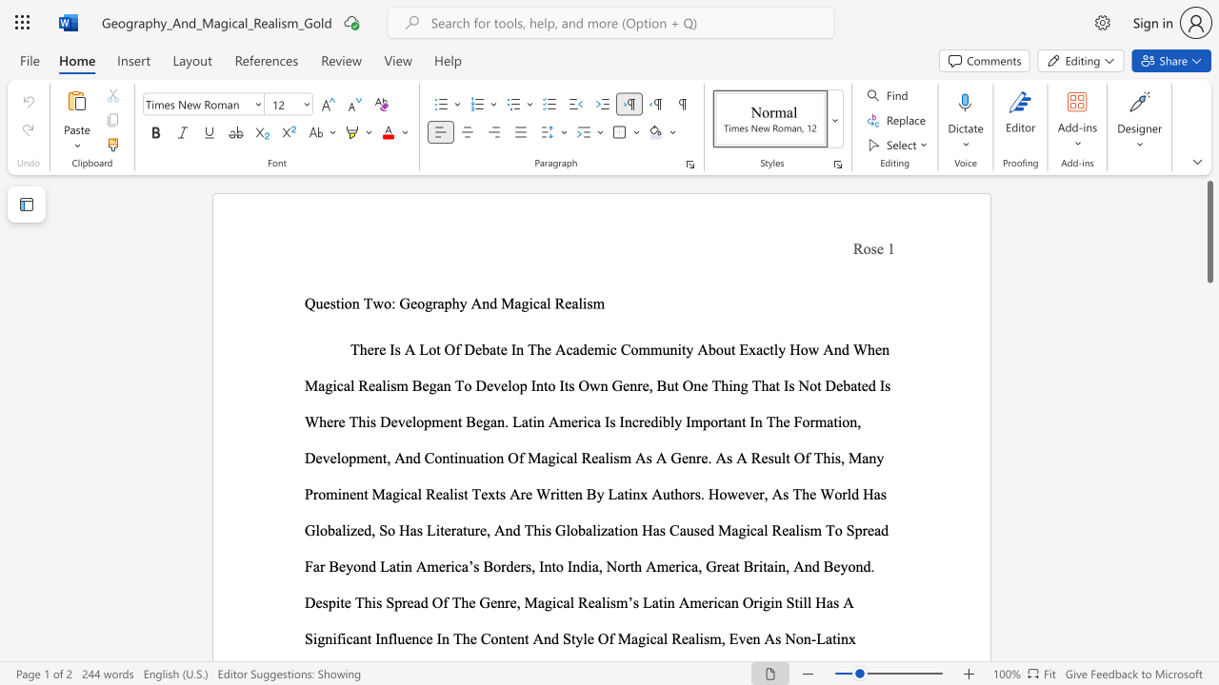 This screenshot has height=685, width=1219. I want to click on the scrollbar to scroll the page down, so click(1209, 362).